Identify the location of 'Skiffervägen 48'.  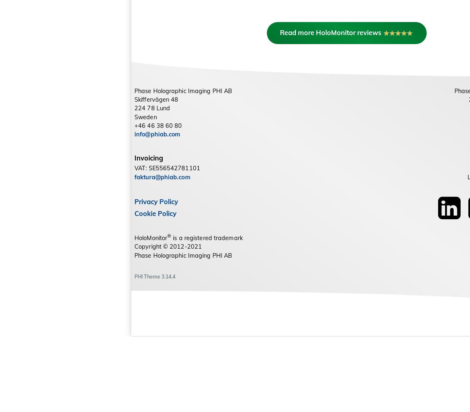
(156, 174).